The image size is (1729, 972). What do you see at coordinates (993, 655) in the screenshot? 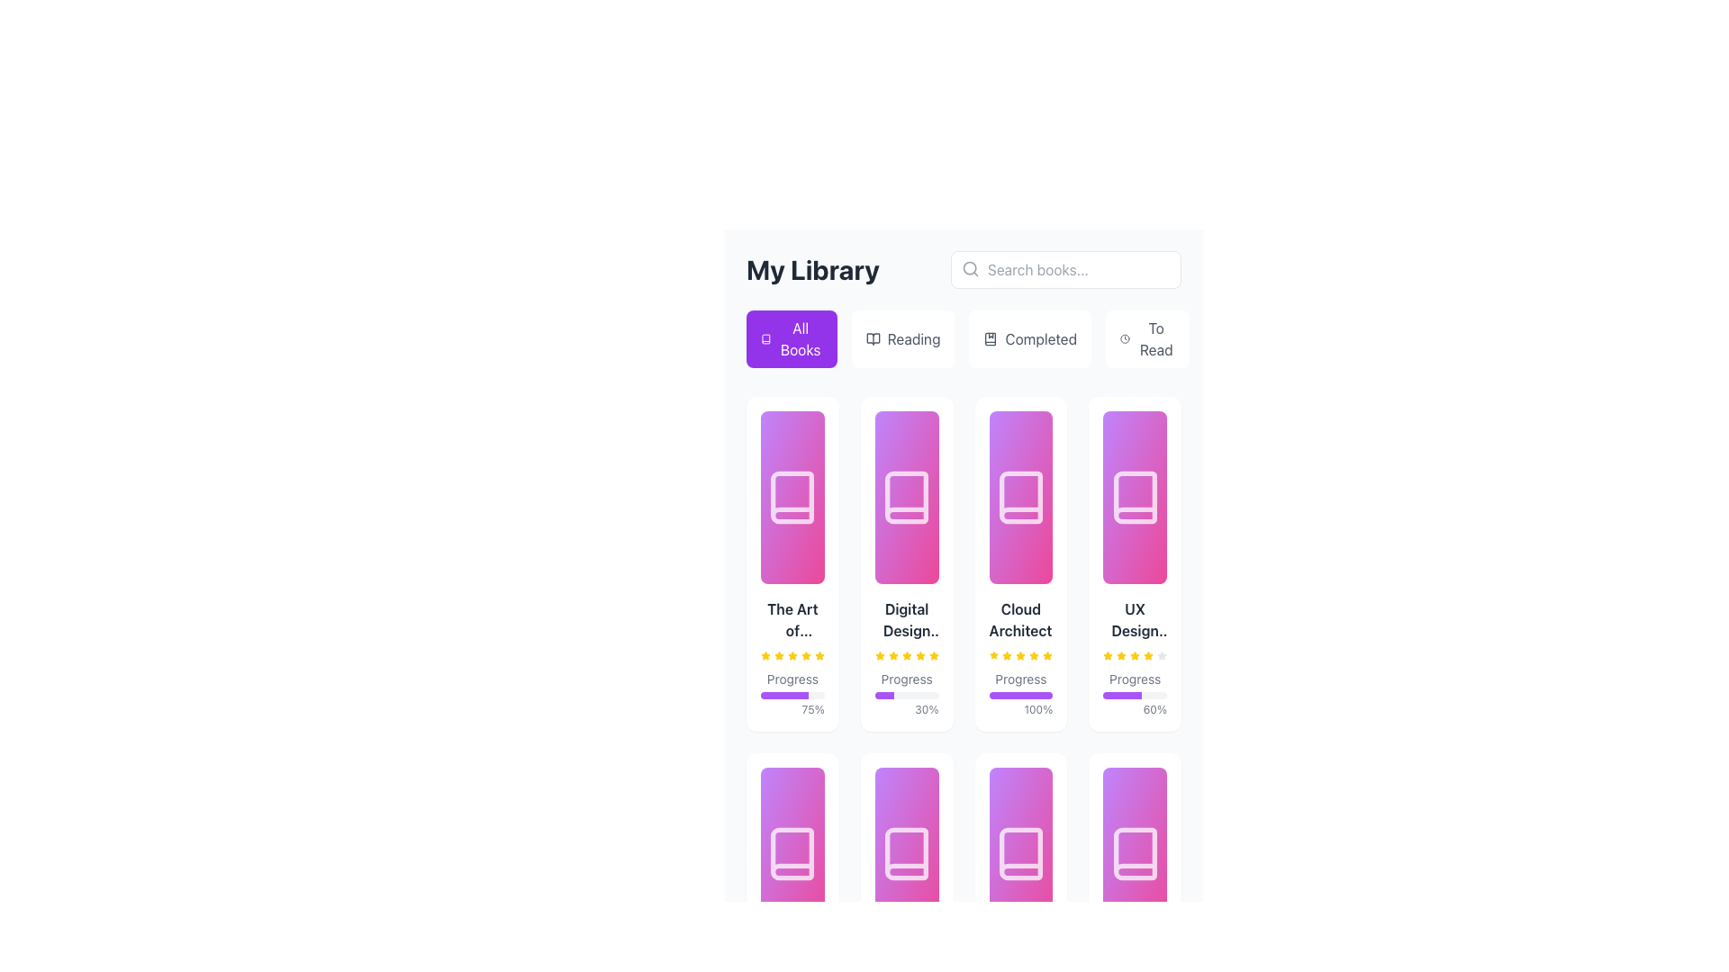
I see `the static state of the third yellow star icon in the rating system located below the 'Cloud Architect' book description` at bounding box center [993, 655].